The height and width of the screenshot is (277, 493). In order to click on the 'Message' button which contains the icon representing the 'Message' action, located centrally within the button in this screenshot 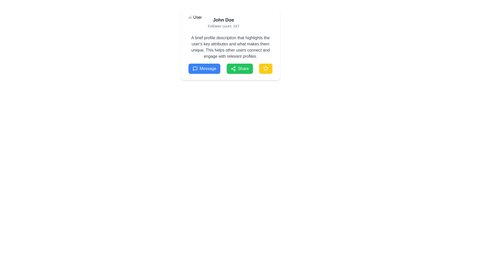, I will do `click(195, 68)`.